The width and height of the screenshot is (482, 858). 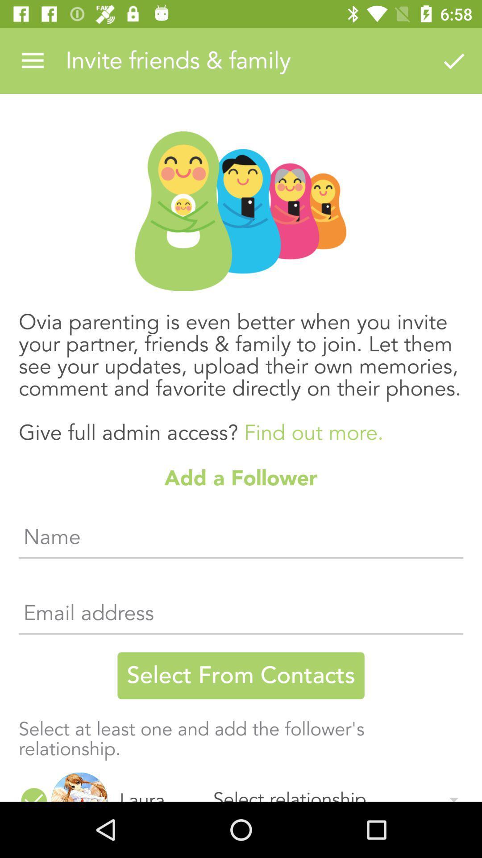 What do you see at coordinates (79, 787) in the screenshot?
I see `item to the left of laura` at bounding box center [79, 787].